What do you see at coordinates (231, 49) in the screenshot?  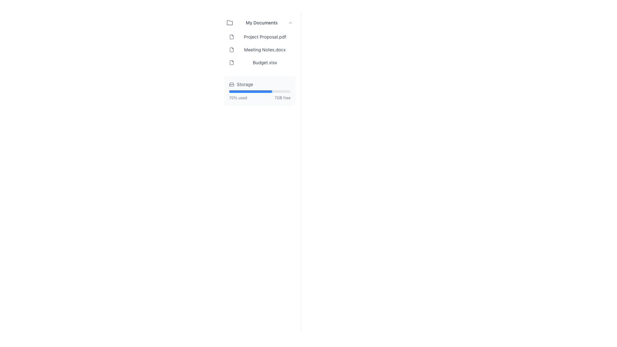 I see `the small document icon with a gray outline and folded corner that represents 'Meeting Notes.docx', located to the left of the document title` at bounding box center [231, 49].